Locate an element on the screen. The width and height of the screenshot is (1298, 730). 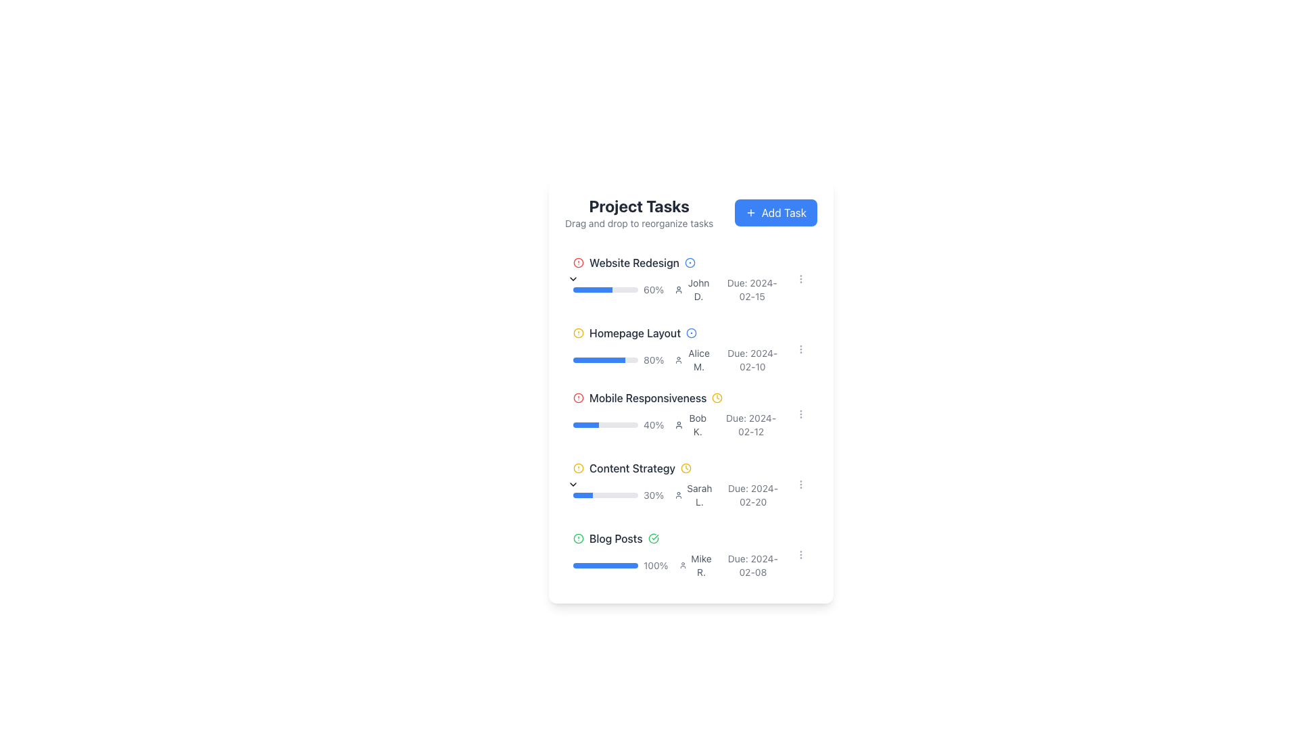
the circular icon located on the right side of the 'Homepage Layout' row, which is the second task in the list is located at coordinates (691, 333).